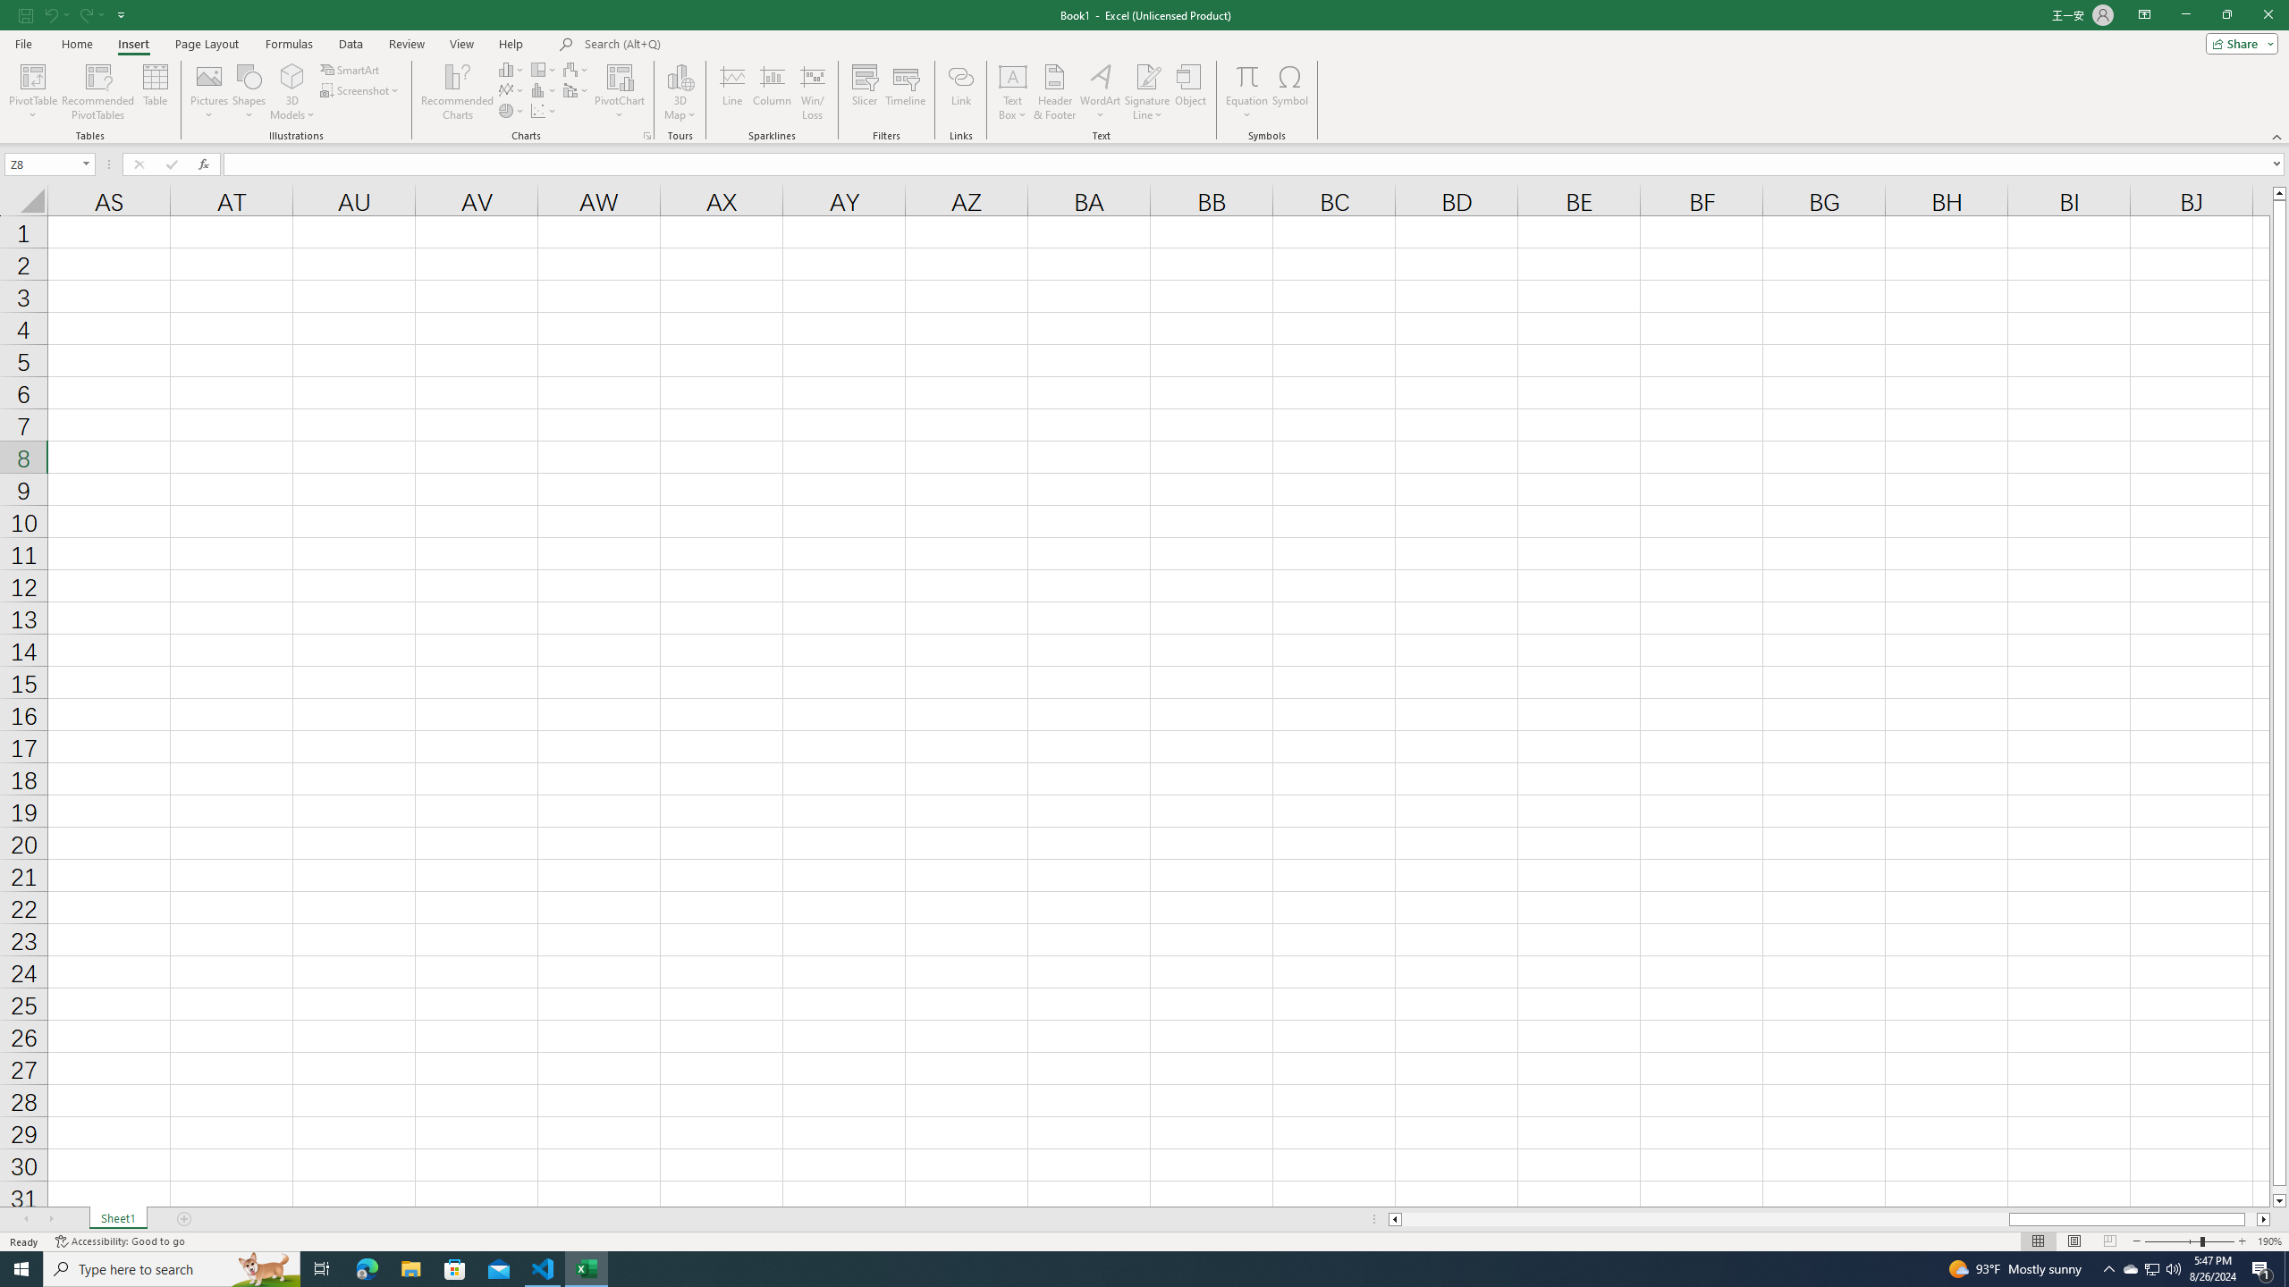 The image size is (2289, 1287). Describe the element at coordinates (619, 92) in the screenshot. I see `'PivotChart'` at that location.